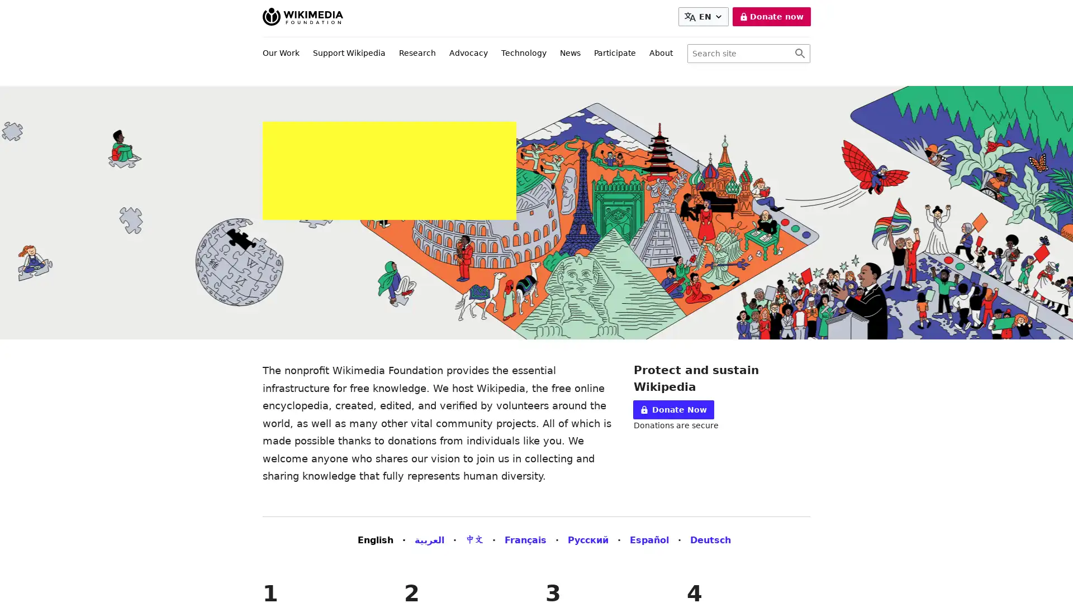  I want to click on Search, so click(799, 54).